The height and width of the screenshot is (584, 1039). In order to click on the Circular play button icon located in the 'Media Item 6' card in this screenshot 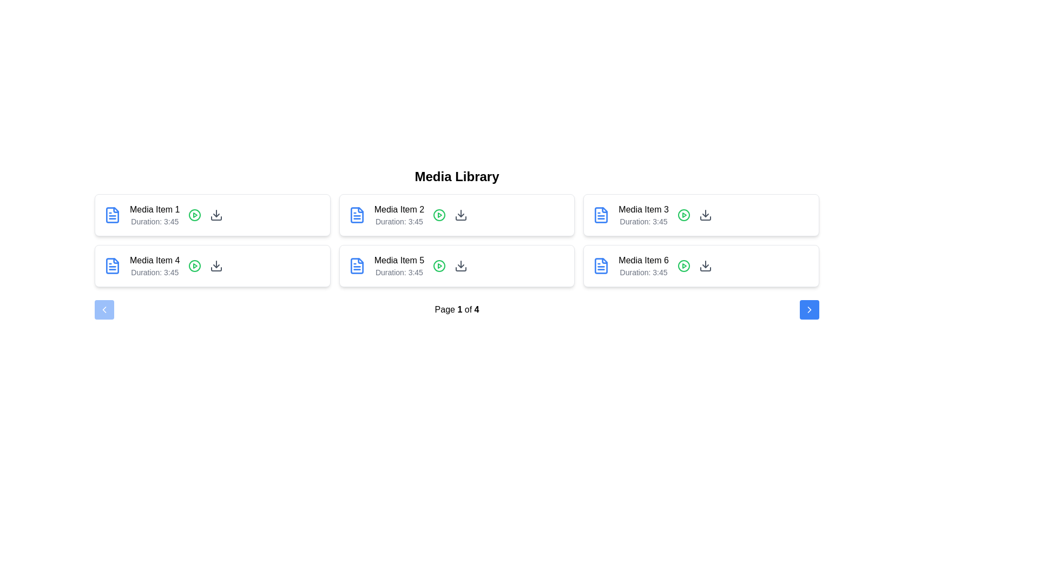, I will do `click(683, 266)`.